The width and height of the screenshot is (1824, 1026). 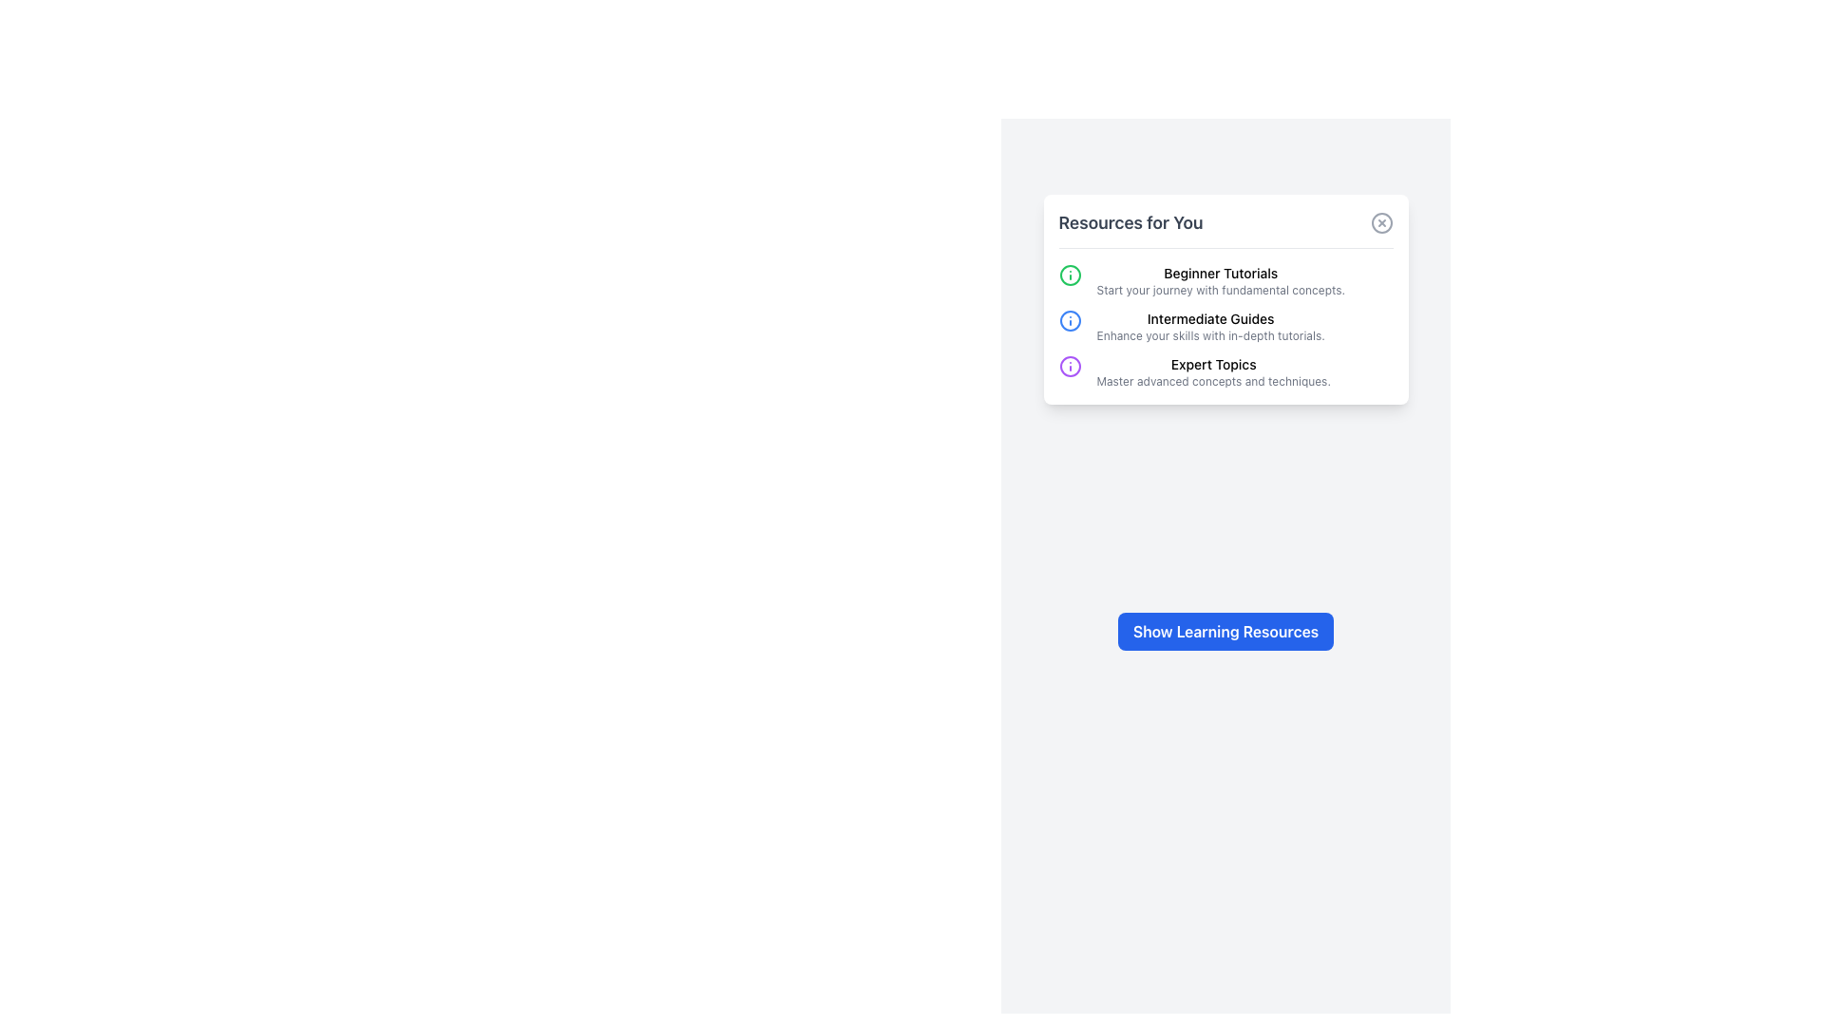 I want to click on the first item in the 'Resources for You' card that contains the title 'Beginner Tutorials' and the subtitle 'Start your journey with fundamental concepts.', so click(x=1225, y=281).